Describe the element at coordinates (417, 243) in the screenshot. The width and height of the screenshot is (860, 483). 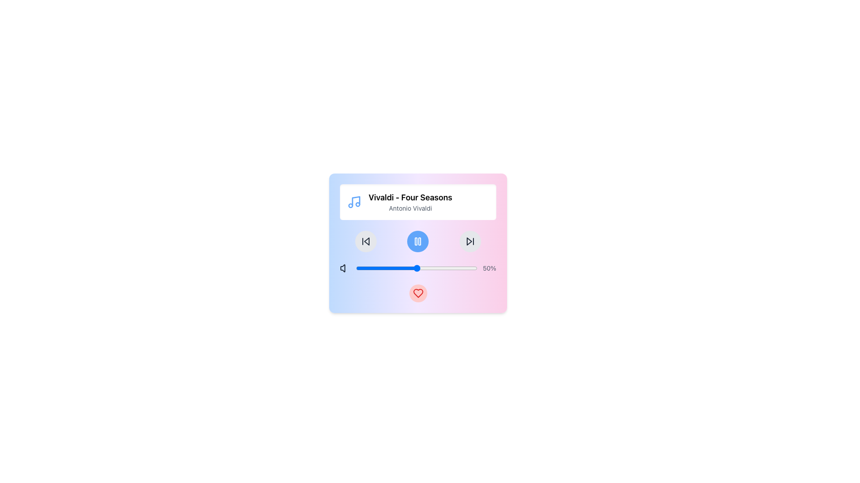
I see `the heart-shaped button in the music player interface to like the song 'Vivaldi - Four Seasons' by Antonio Vivaldi` at that location.